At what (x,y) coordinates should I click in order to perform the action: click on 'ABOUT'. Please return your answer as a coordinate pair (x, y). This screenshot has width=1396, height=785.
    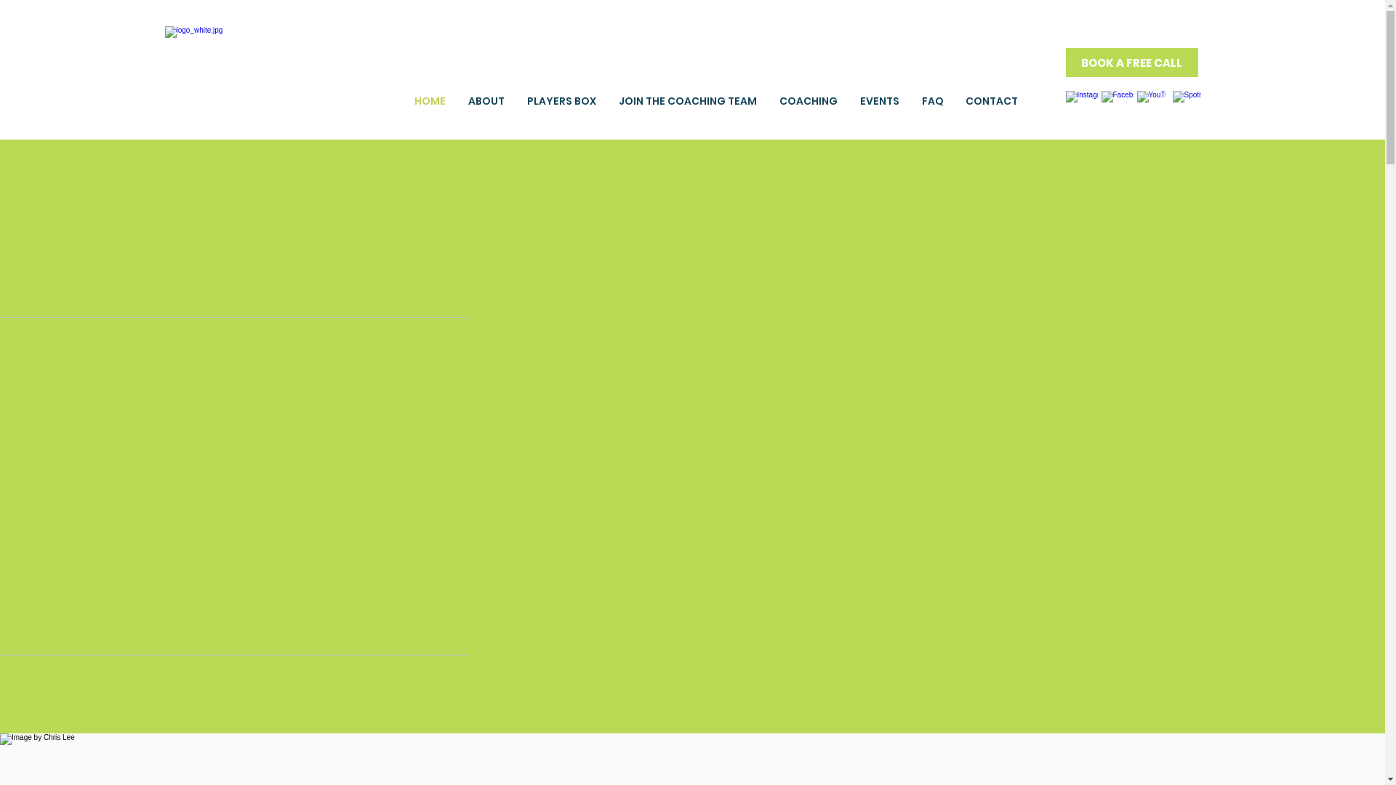
    Looking at the image, I should click on (486, 100).